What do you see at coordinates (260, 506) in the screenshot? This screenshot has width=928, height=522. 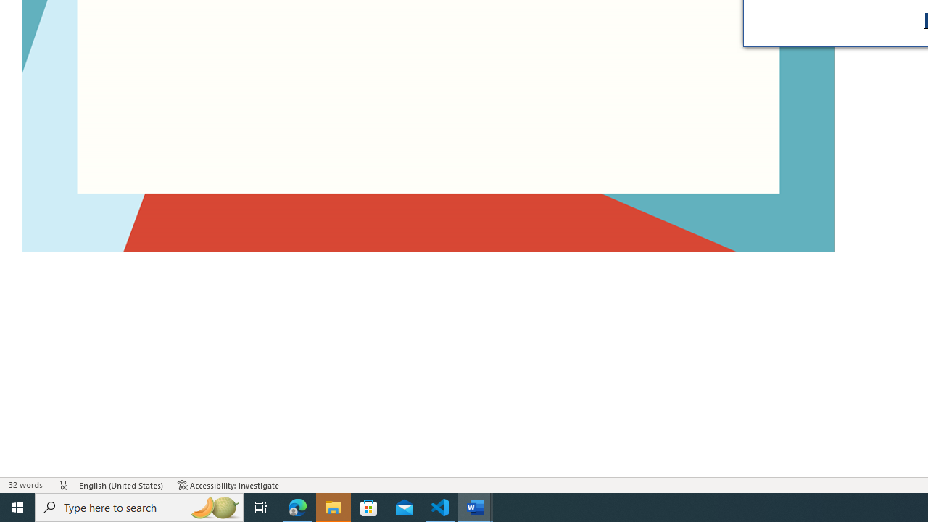 I see `'Task View'` at bounding box center [260, 506].